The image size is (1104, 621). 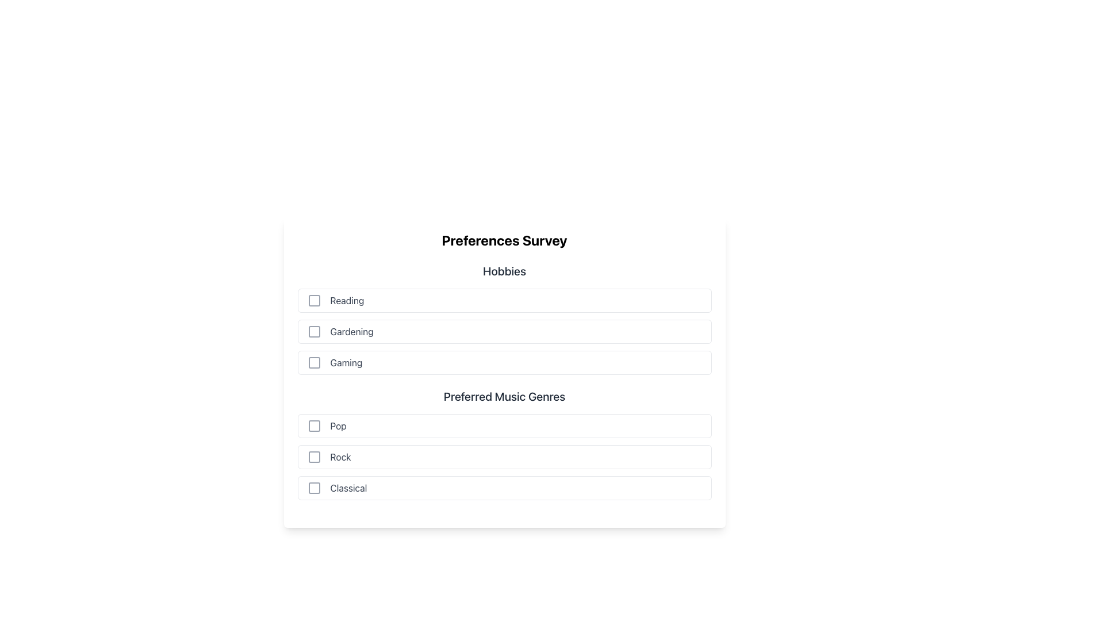 I want to click on the text label displaying the word 'Rock' in gray font, which is the third text label in the 'Preferred Music Genres' section, positioned to the right of a checkbox, so click(x=340, y=456).